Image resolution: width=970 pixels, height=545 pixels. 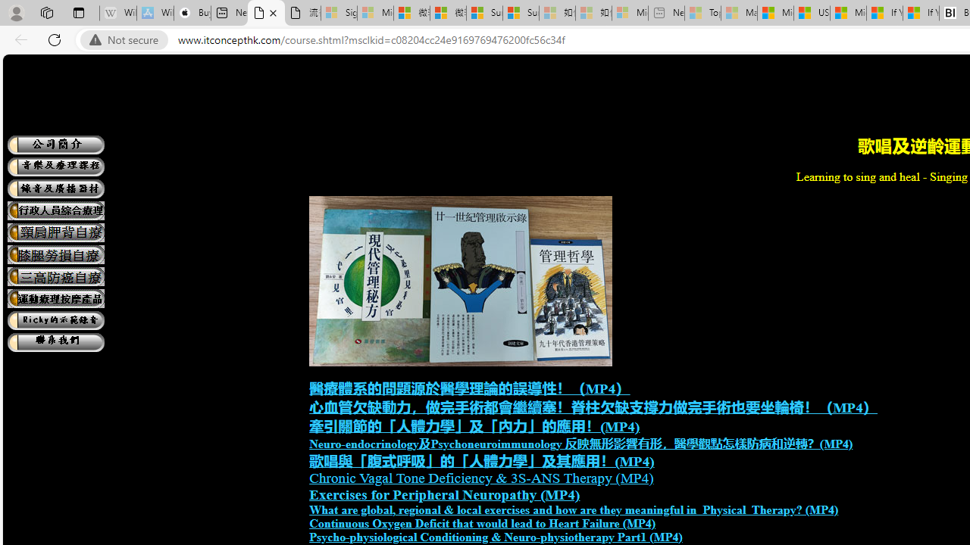 What do you see at coordinates (117, 13) in the screenshot?
I see `'Wikipedia - Sleeping'` at bounding box center [117, 13].